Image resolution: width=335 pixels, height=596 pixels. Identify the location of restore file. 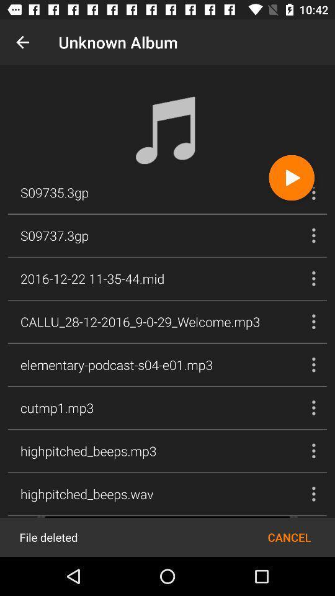
(167, 536).